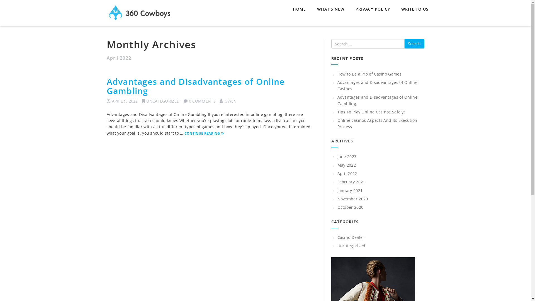 The width and height of the screenshot is (535, 301). Describe the element at coordinates (195, 86) in the screenshot. I see `'Advantages and Disadvantages of Online Gambling'` at that location.